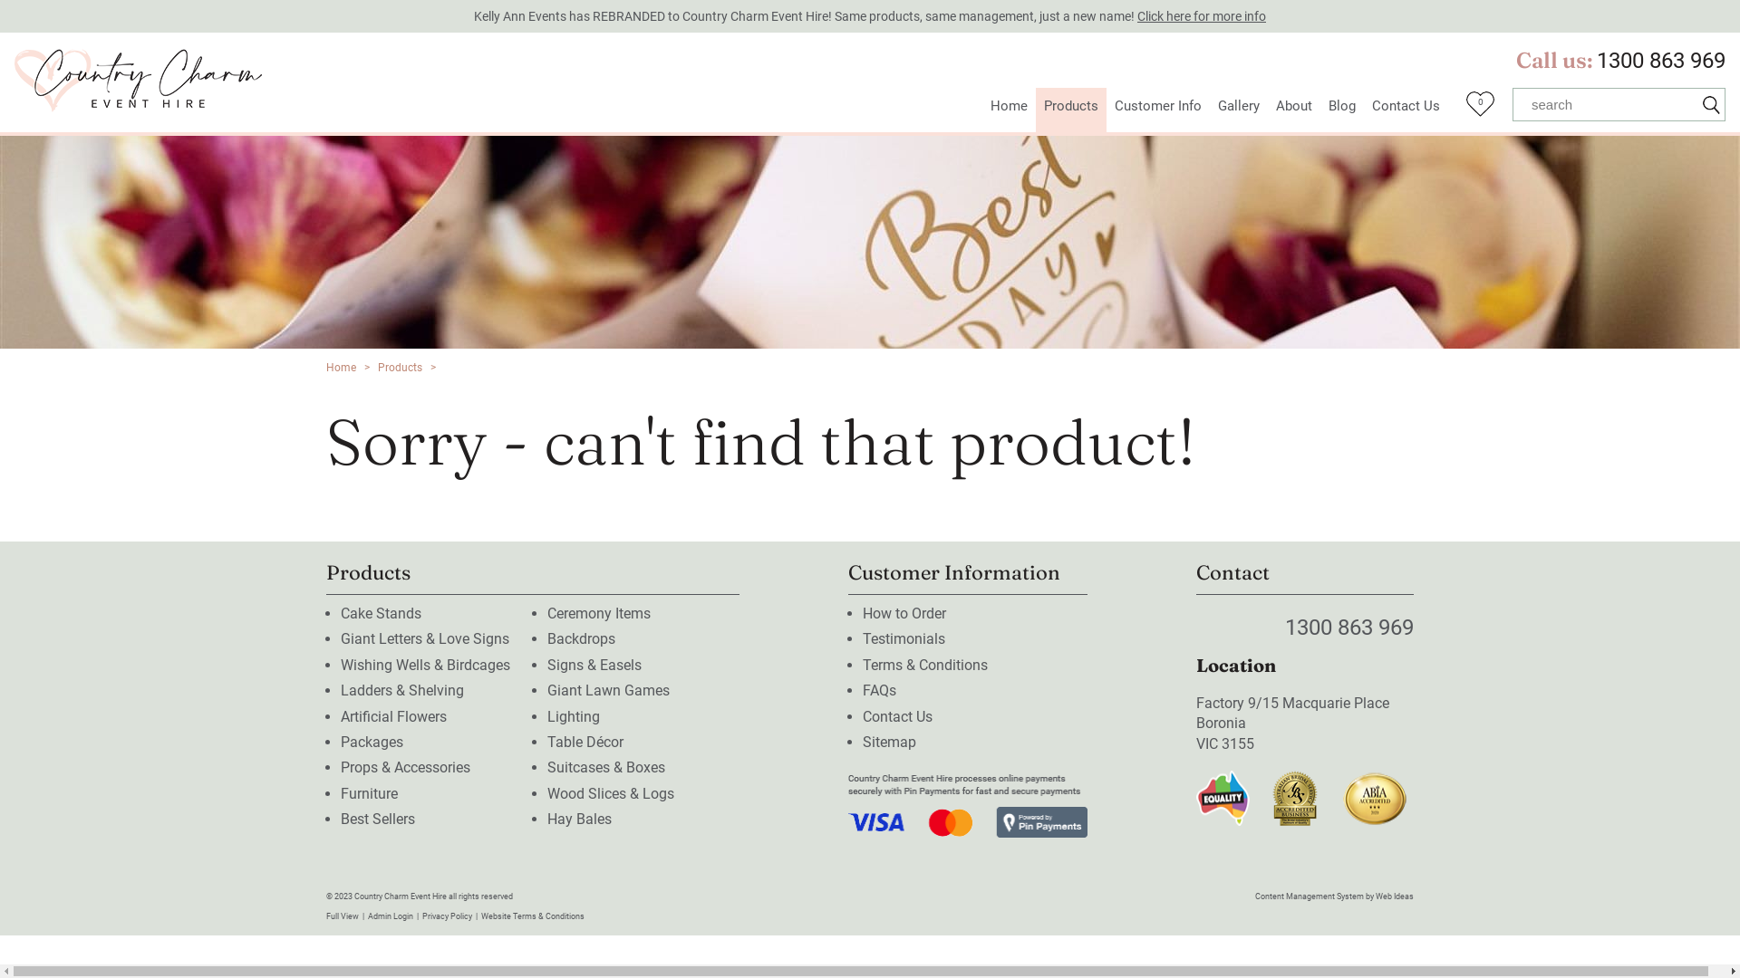 This screenshot has height=978, width=1740. I want to click on 'Contact Us', so click(897, 715).